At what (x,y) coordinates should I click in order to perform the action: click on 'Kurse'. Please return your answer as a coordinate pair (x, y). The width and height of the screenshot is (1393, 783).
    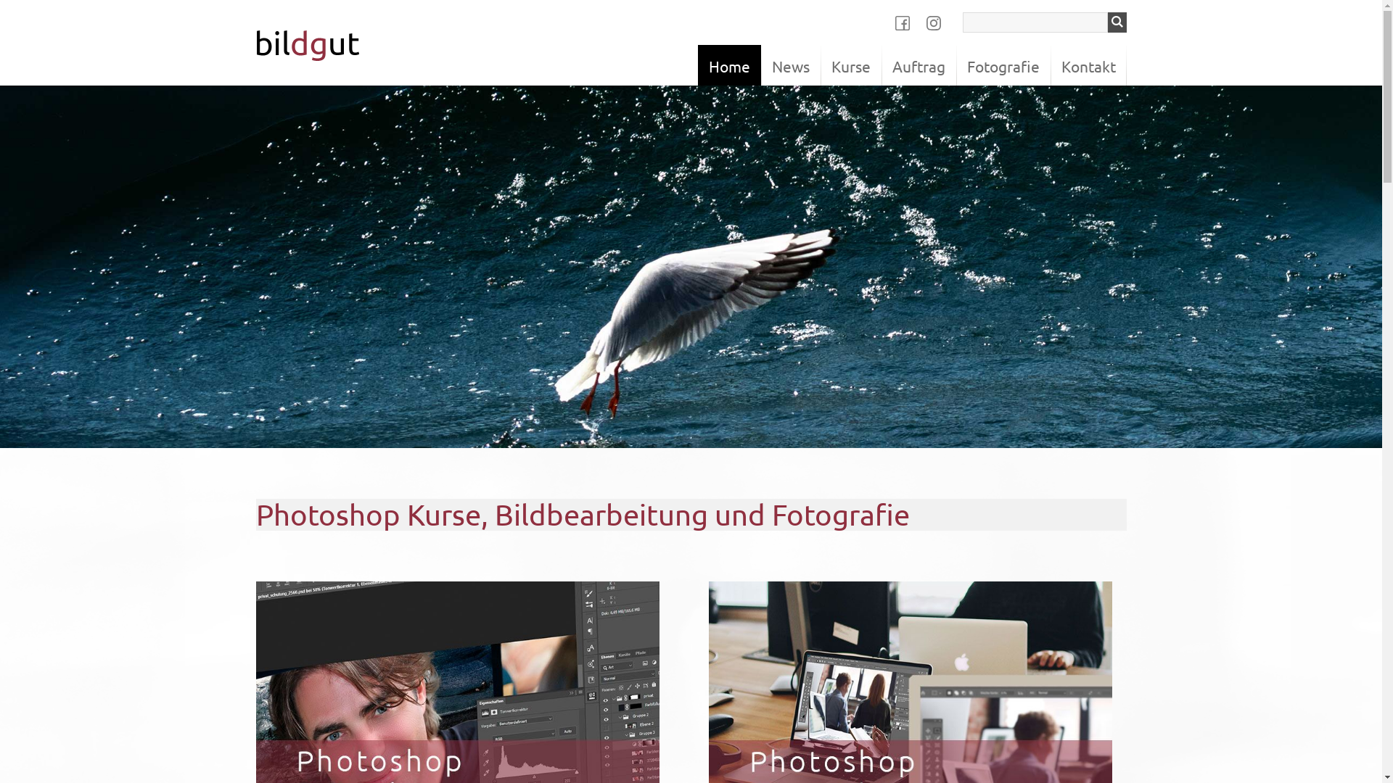
    Looking at the image, I should click on (850, 64).